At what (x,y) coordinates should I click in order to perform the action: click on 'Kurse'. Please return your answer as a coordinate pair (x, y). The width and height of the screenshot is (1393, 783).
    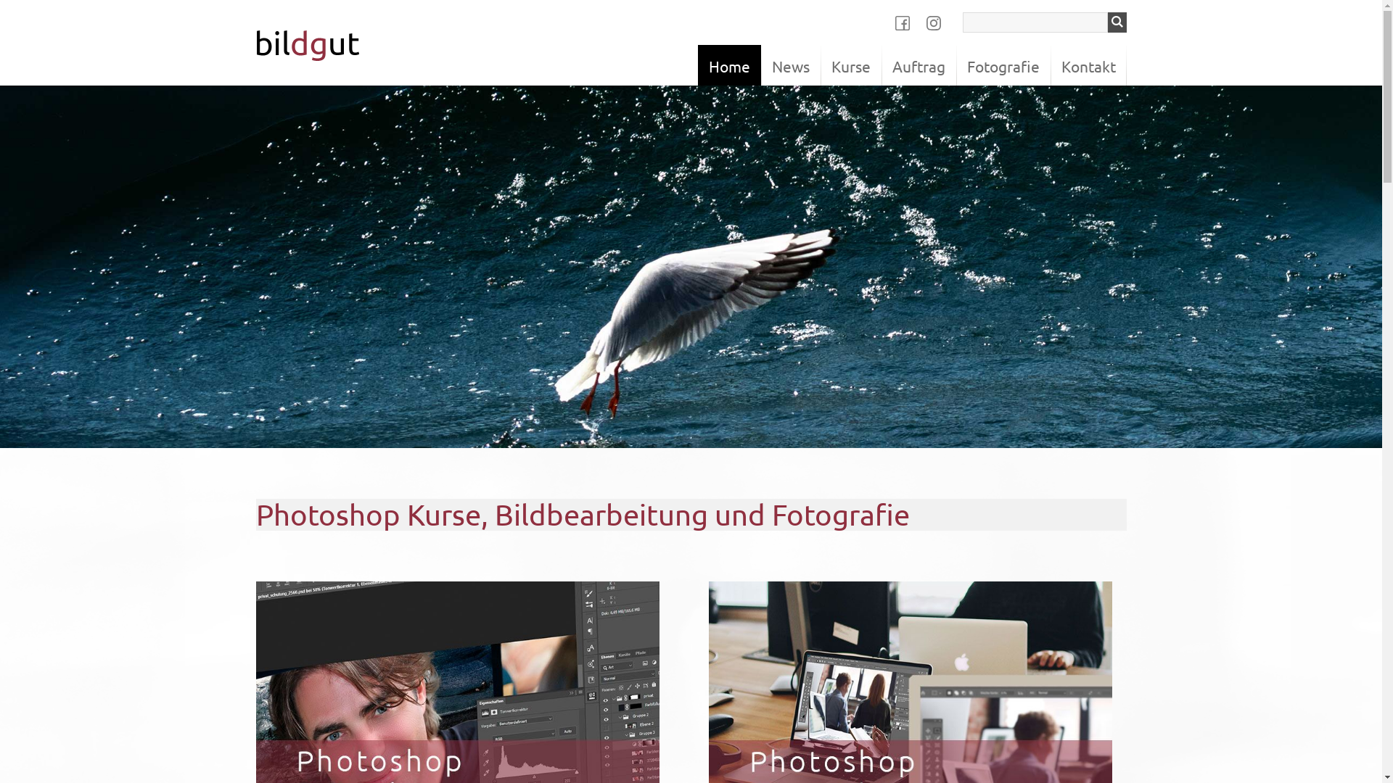
    Looking at the image, I should click on (850, 64).